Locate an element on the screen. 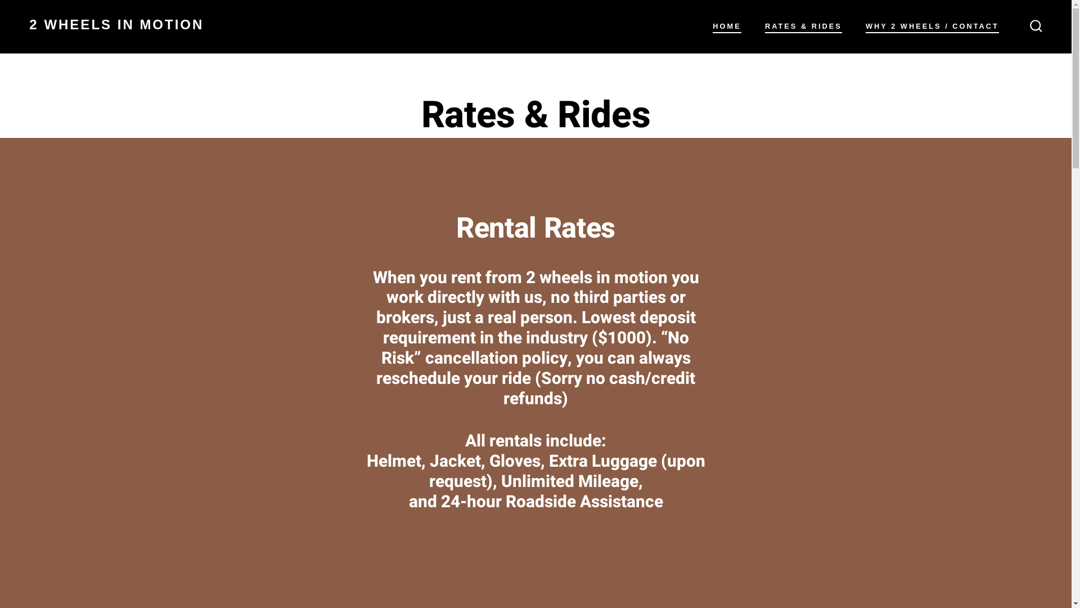 This screenshot has height=608, width=1080. 'HOME' is located at coordinates (726, 26).